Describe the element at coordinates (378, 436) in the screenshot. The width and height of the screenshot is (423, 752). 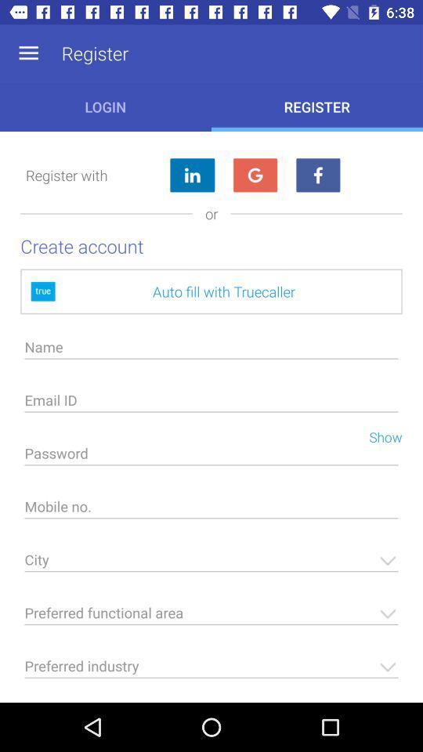
I see `the show option` at that location.